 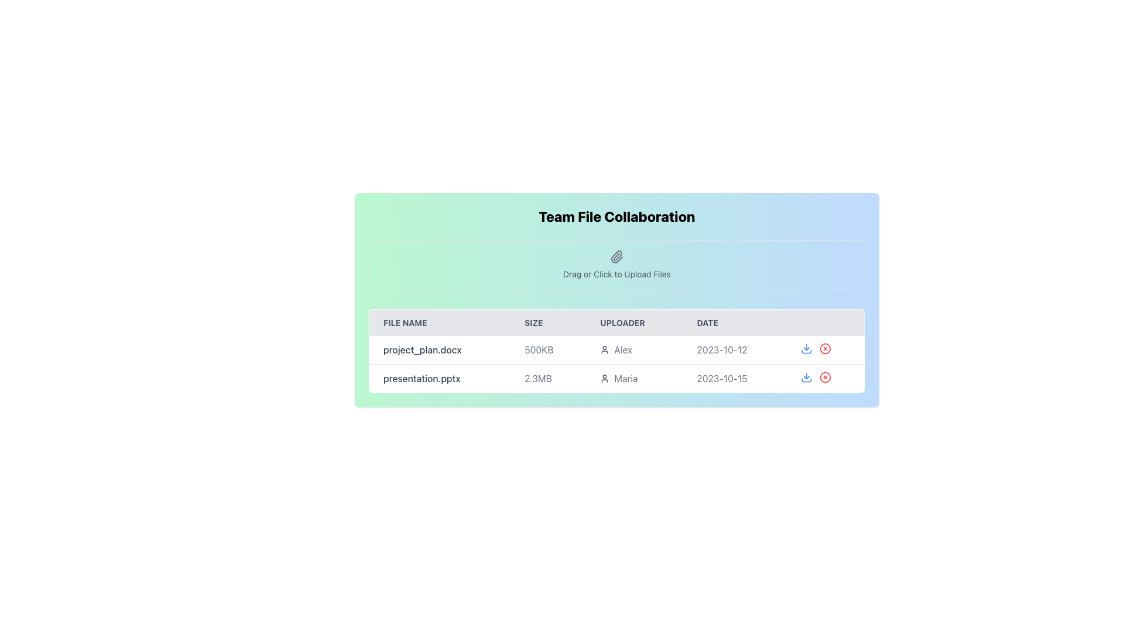 What do you see at coordinates (634, 379) in the screenshot?
I see `the Text label indicating the uploader 'Maria' in the third column of the second row of the file information table` at bounding box center [634, 379].